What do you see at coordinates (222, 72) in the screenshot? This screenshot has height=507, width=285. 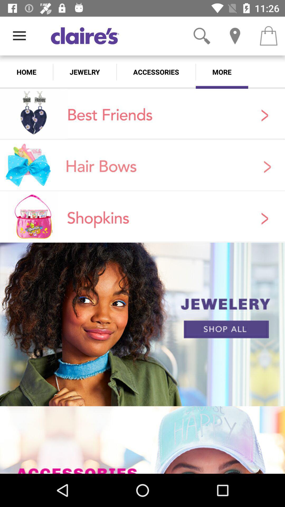 I see `the more app` at bounding box center [222, 72].